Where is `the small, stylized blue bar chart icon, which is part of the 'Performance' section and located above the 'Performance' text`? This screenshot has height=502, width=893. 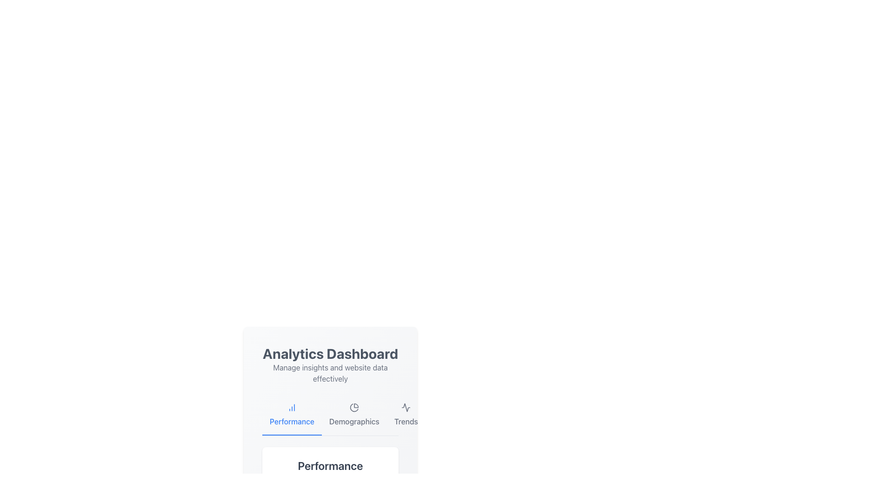 the small, stylized blue bar chart icon, which is part of the 'Performance' section and located above the 'Performance' text is located at coordinates (292, 407).